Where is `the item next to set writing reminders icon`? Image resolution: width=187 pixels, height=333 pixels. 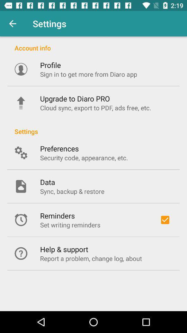
the item next to set writing reminders icon is located at coordinates (164, 220).